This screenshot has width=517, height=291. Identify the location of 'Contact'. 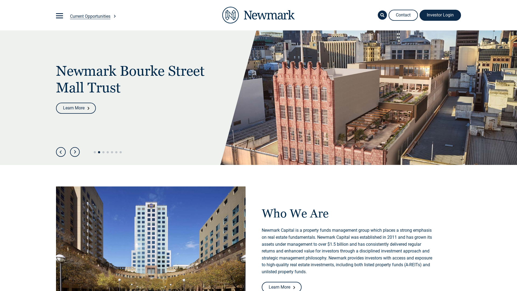
(389, 15).